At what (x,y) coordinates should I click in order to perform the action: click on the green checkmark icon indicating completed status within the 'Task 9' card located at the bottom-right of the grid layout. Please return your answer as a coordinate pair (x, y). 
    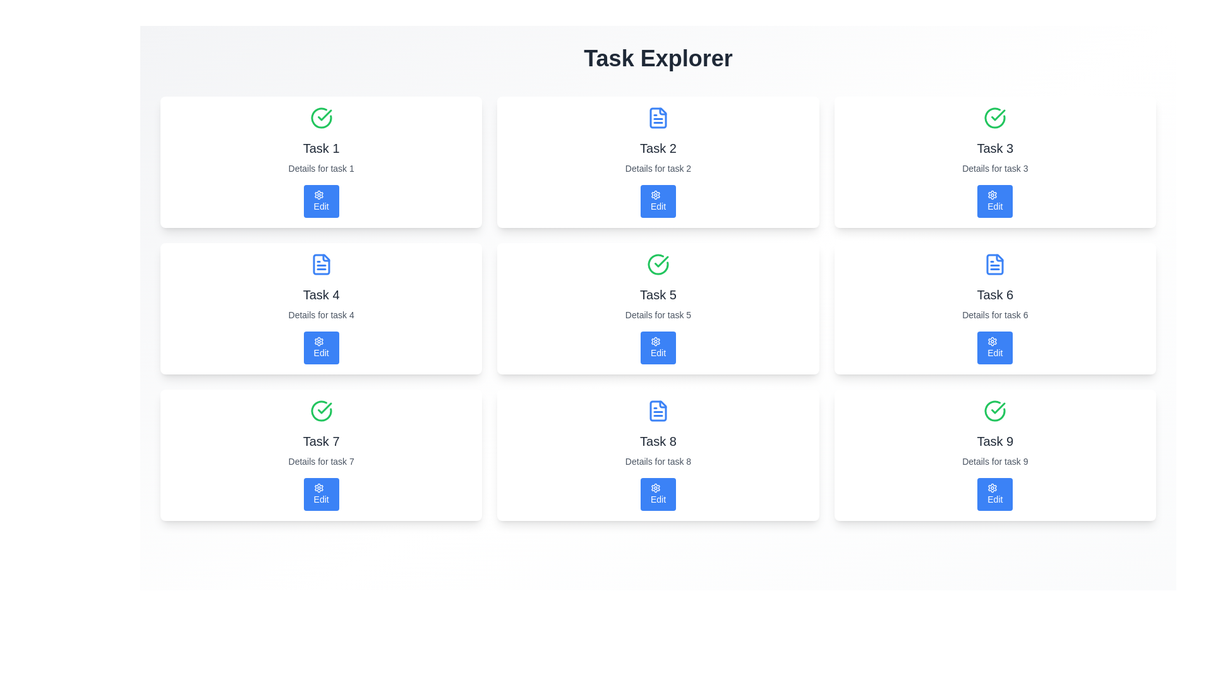
    Looking at the image, I should click on (998, 408).